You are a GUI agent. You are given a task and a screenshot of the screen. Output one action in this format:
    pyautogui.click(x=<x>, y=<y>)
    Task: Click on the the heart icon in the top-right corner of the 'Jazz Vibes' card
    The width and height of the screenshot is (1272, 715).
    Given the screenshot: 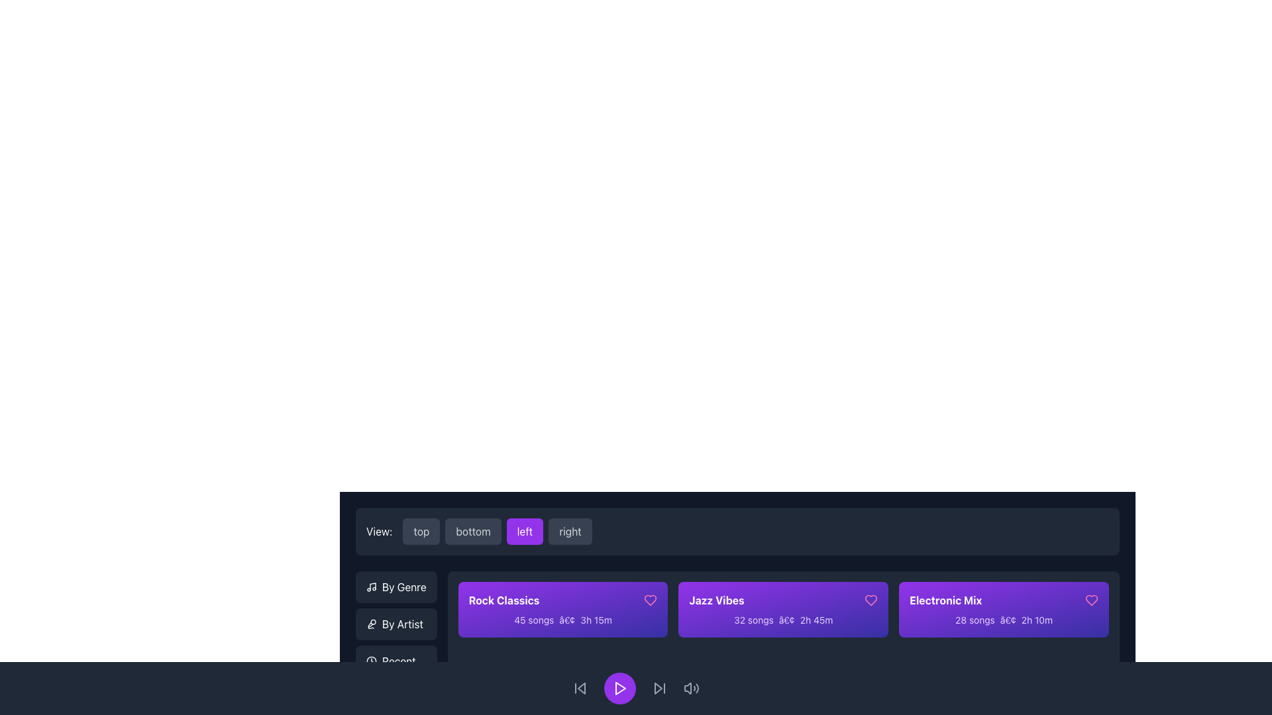 What is the action you would take?
    pyautogui.click(x=871, y=600)
    